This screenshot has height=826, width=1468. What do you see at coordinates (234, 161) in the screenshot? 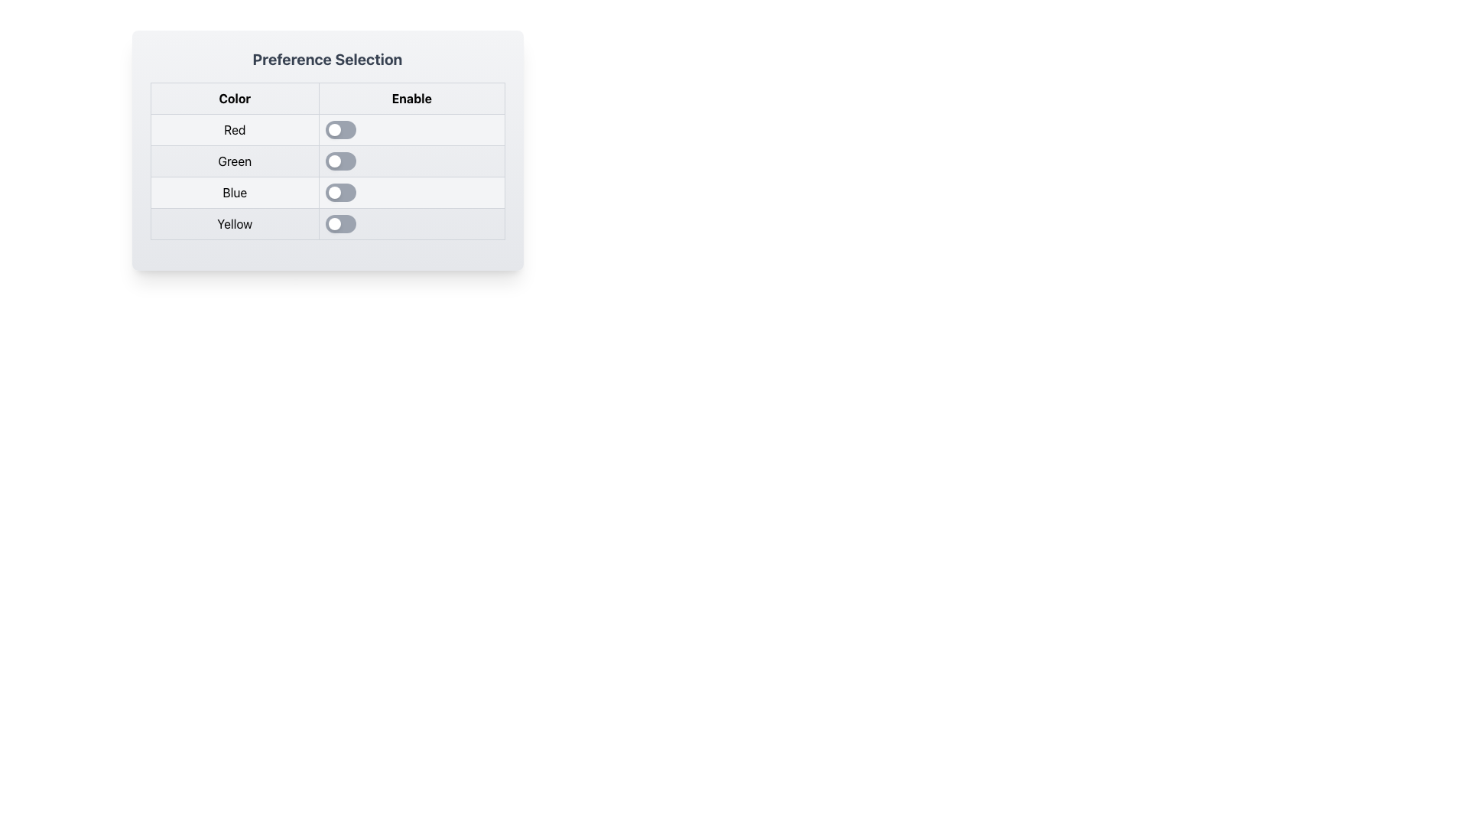
I see `the label with the text 'Green' located in the second row under the 'Color' column of the structured list` at bounding box center [234, 161].